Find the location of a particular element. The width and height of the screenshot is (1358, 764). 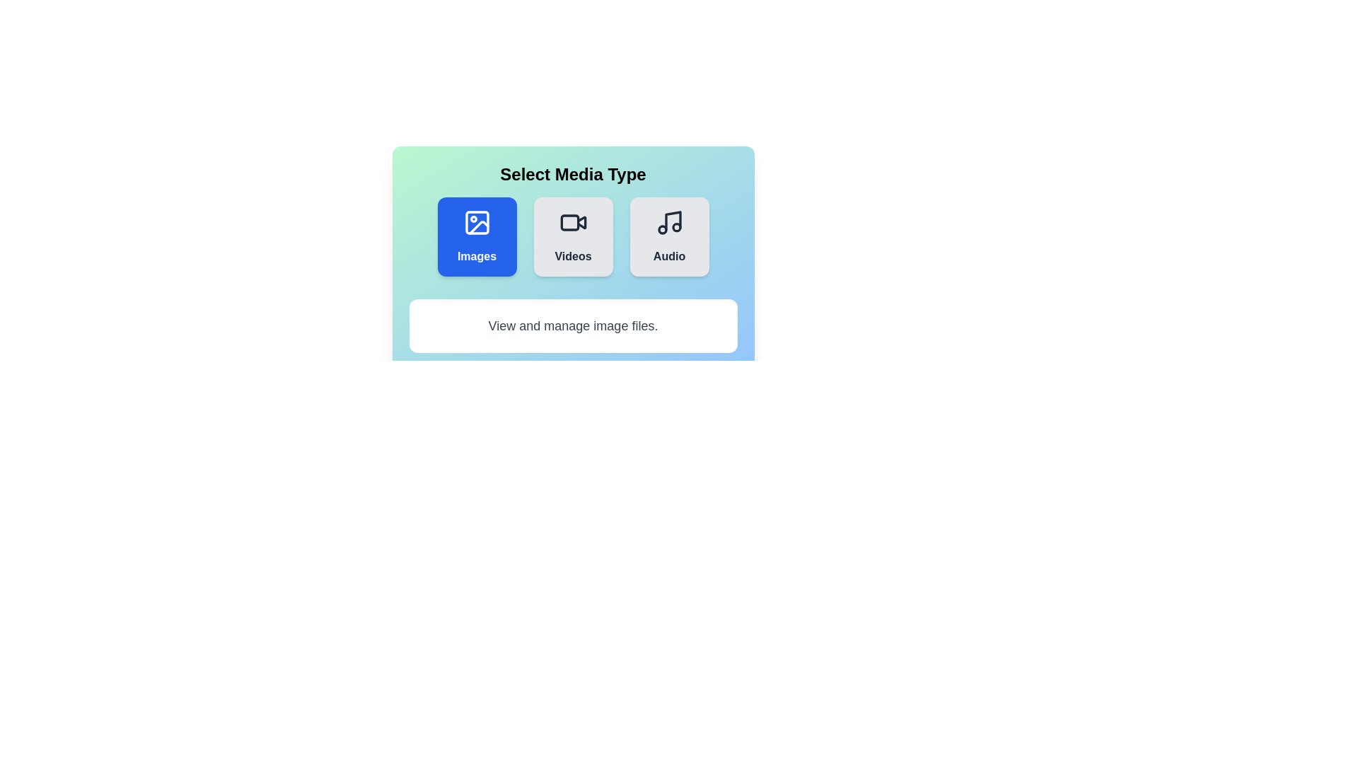

the Images button to view its hover effect is located at coordinates (477, 236).